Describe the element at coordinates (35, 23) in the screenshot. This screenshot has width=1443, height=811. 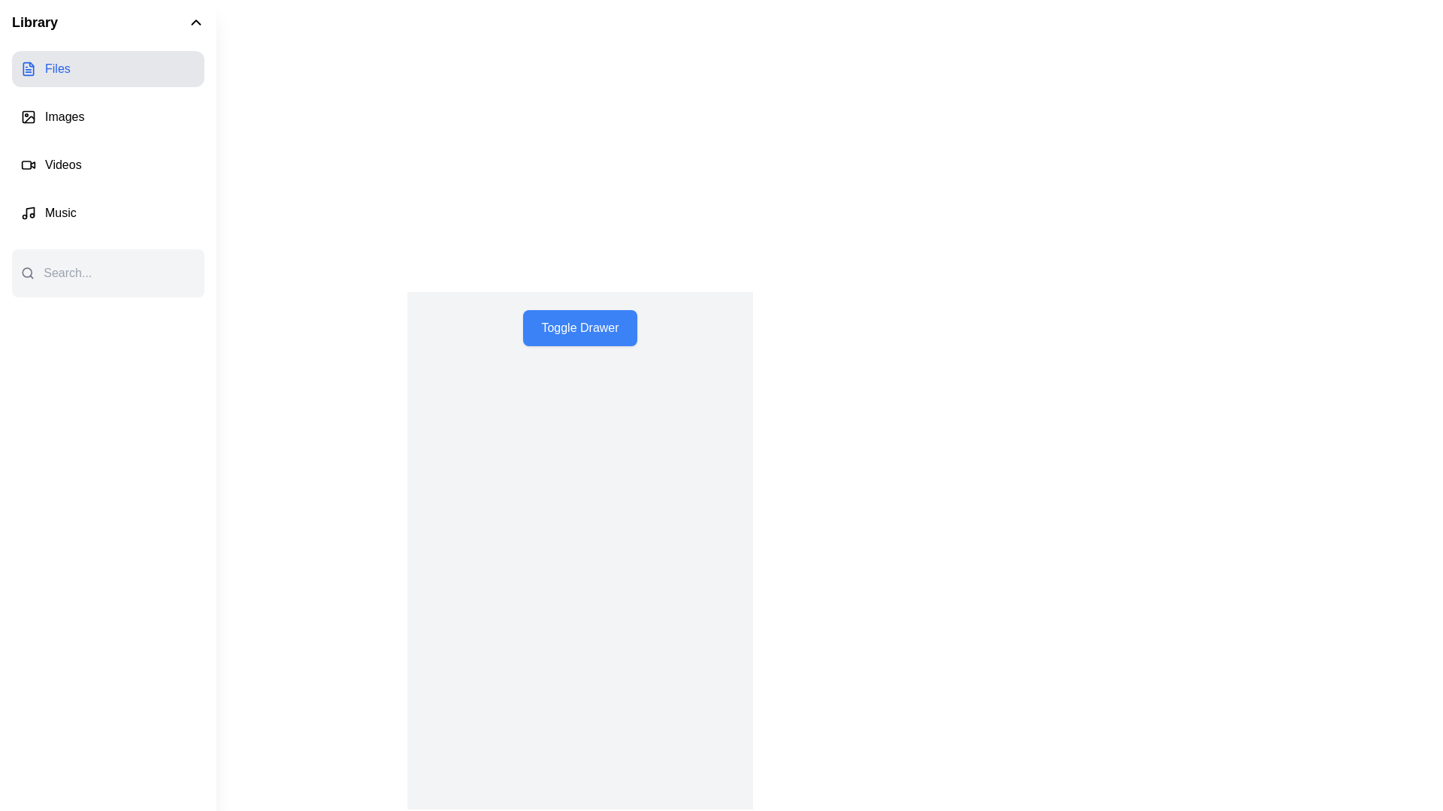
I see `the 'Library' static text label, which is a bold, large font text located in the top-left corner of the sidebar` at that location.